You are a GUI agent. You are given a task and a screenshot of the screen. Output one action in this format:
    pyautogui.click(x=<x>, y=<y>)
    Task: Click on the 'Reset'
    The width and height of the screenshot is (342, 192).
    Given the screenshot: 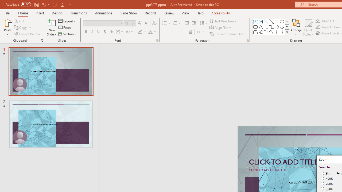 What is the action you would take?
    pyautogui.click(x=65, y=27)
    